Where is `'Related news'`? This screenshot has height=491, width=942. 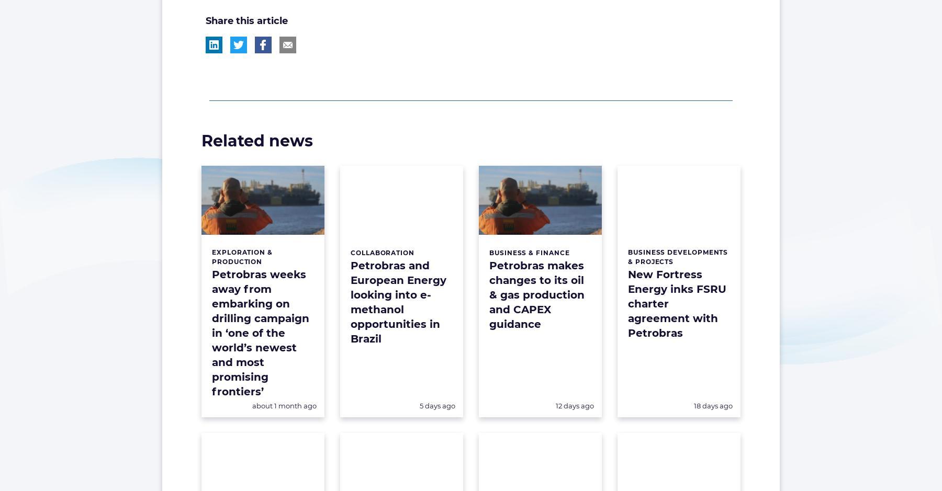
'Related news' is located at coordinates (201, 140).